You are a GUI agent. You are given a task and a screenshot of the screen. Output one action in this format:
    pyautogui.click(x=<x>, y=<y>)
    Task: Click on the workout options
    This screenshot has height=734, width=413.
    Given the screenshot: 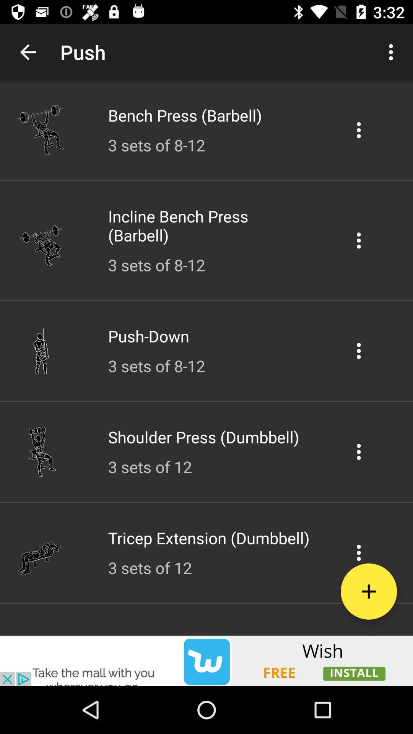 What is the action you would take?
    pyautogui.click(x=359, y=130)
    